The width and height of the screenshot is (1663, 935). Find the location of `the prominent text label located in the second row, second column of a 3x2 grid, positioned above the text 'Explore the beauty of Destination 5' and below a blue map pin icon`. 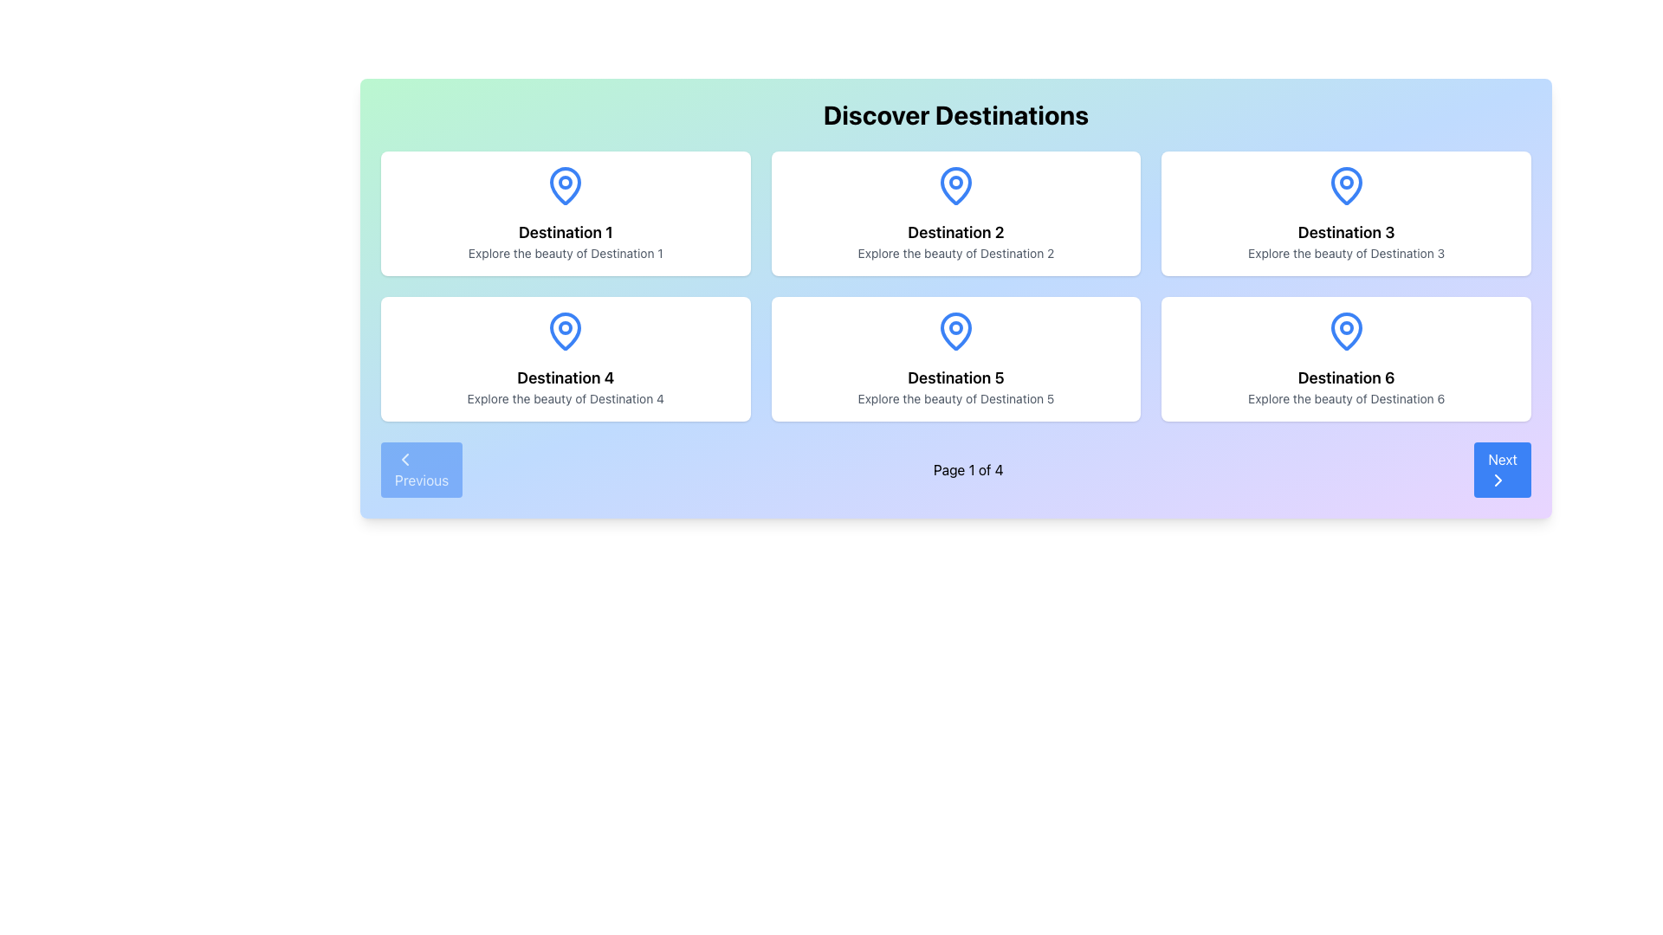

the prominent text label located in the second row, second column of a 3x2 grid, positioned above the text 'Explore the beauty of Destination 5' and below a blue map pin icon is located at coordinates (955, 377).